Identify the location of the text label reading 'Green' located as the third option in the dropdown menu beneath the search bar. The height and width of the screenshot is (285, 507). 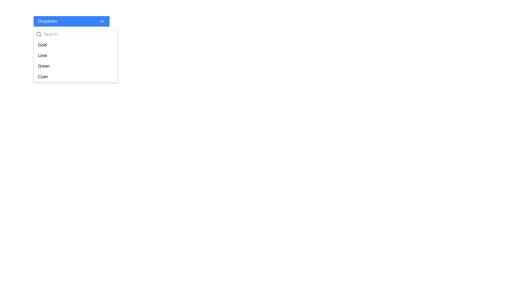
(44, 66).